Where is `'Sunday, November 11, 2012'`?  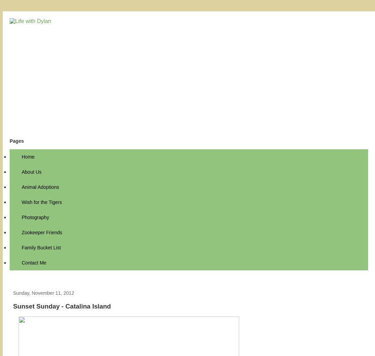
'Sunday, November 11, 2012' is located at coordinates (43, 292).